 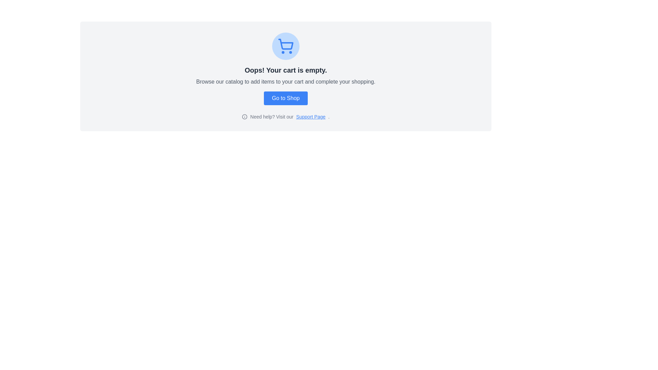 I want to click on the circular information icon with a hollow center and intersecting strokes located at the bottom of the displayed card, adjacent to the text 'Need help? Visit our Support Page.', so click(x=245, y=116).